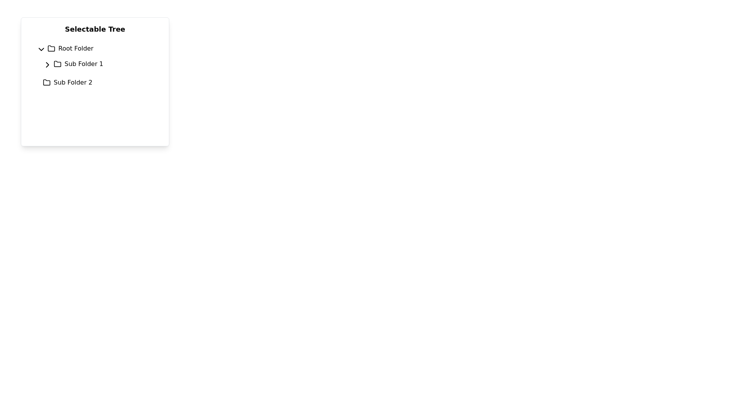 The width and height of the screenshot is (742, 417). I want to click on the folder icon located to the left of the 'Root Folder' label, so click(51, 48).